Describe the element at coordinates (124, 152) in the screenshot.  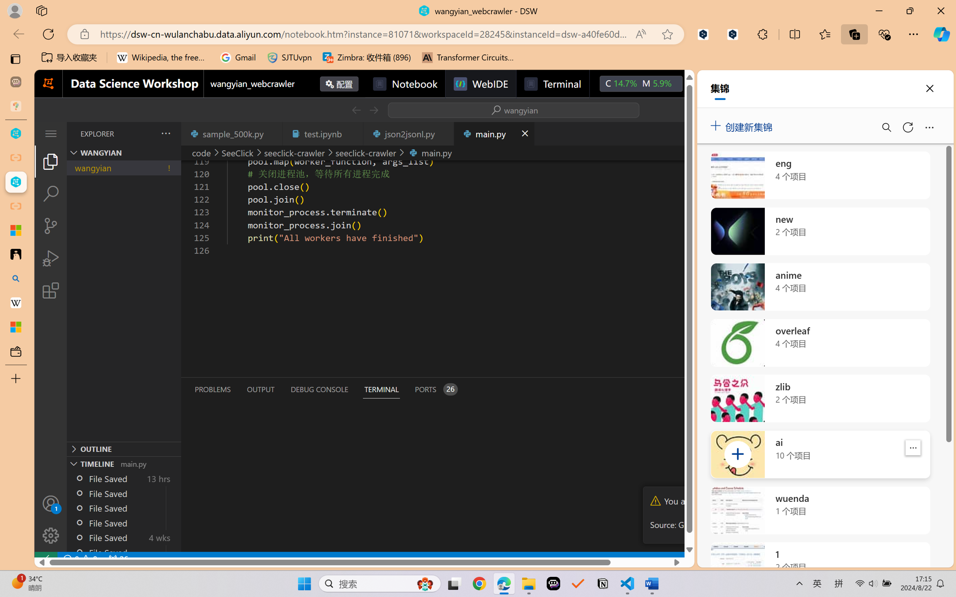
I see `'Explorer Section: wangyian'` at that location.